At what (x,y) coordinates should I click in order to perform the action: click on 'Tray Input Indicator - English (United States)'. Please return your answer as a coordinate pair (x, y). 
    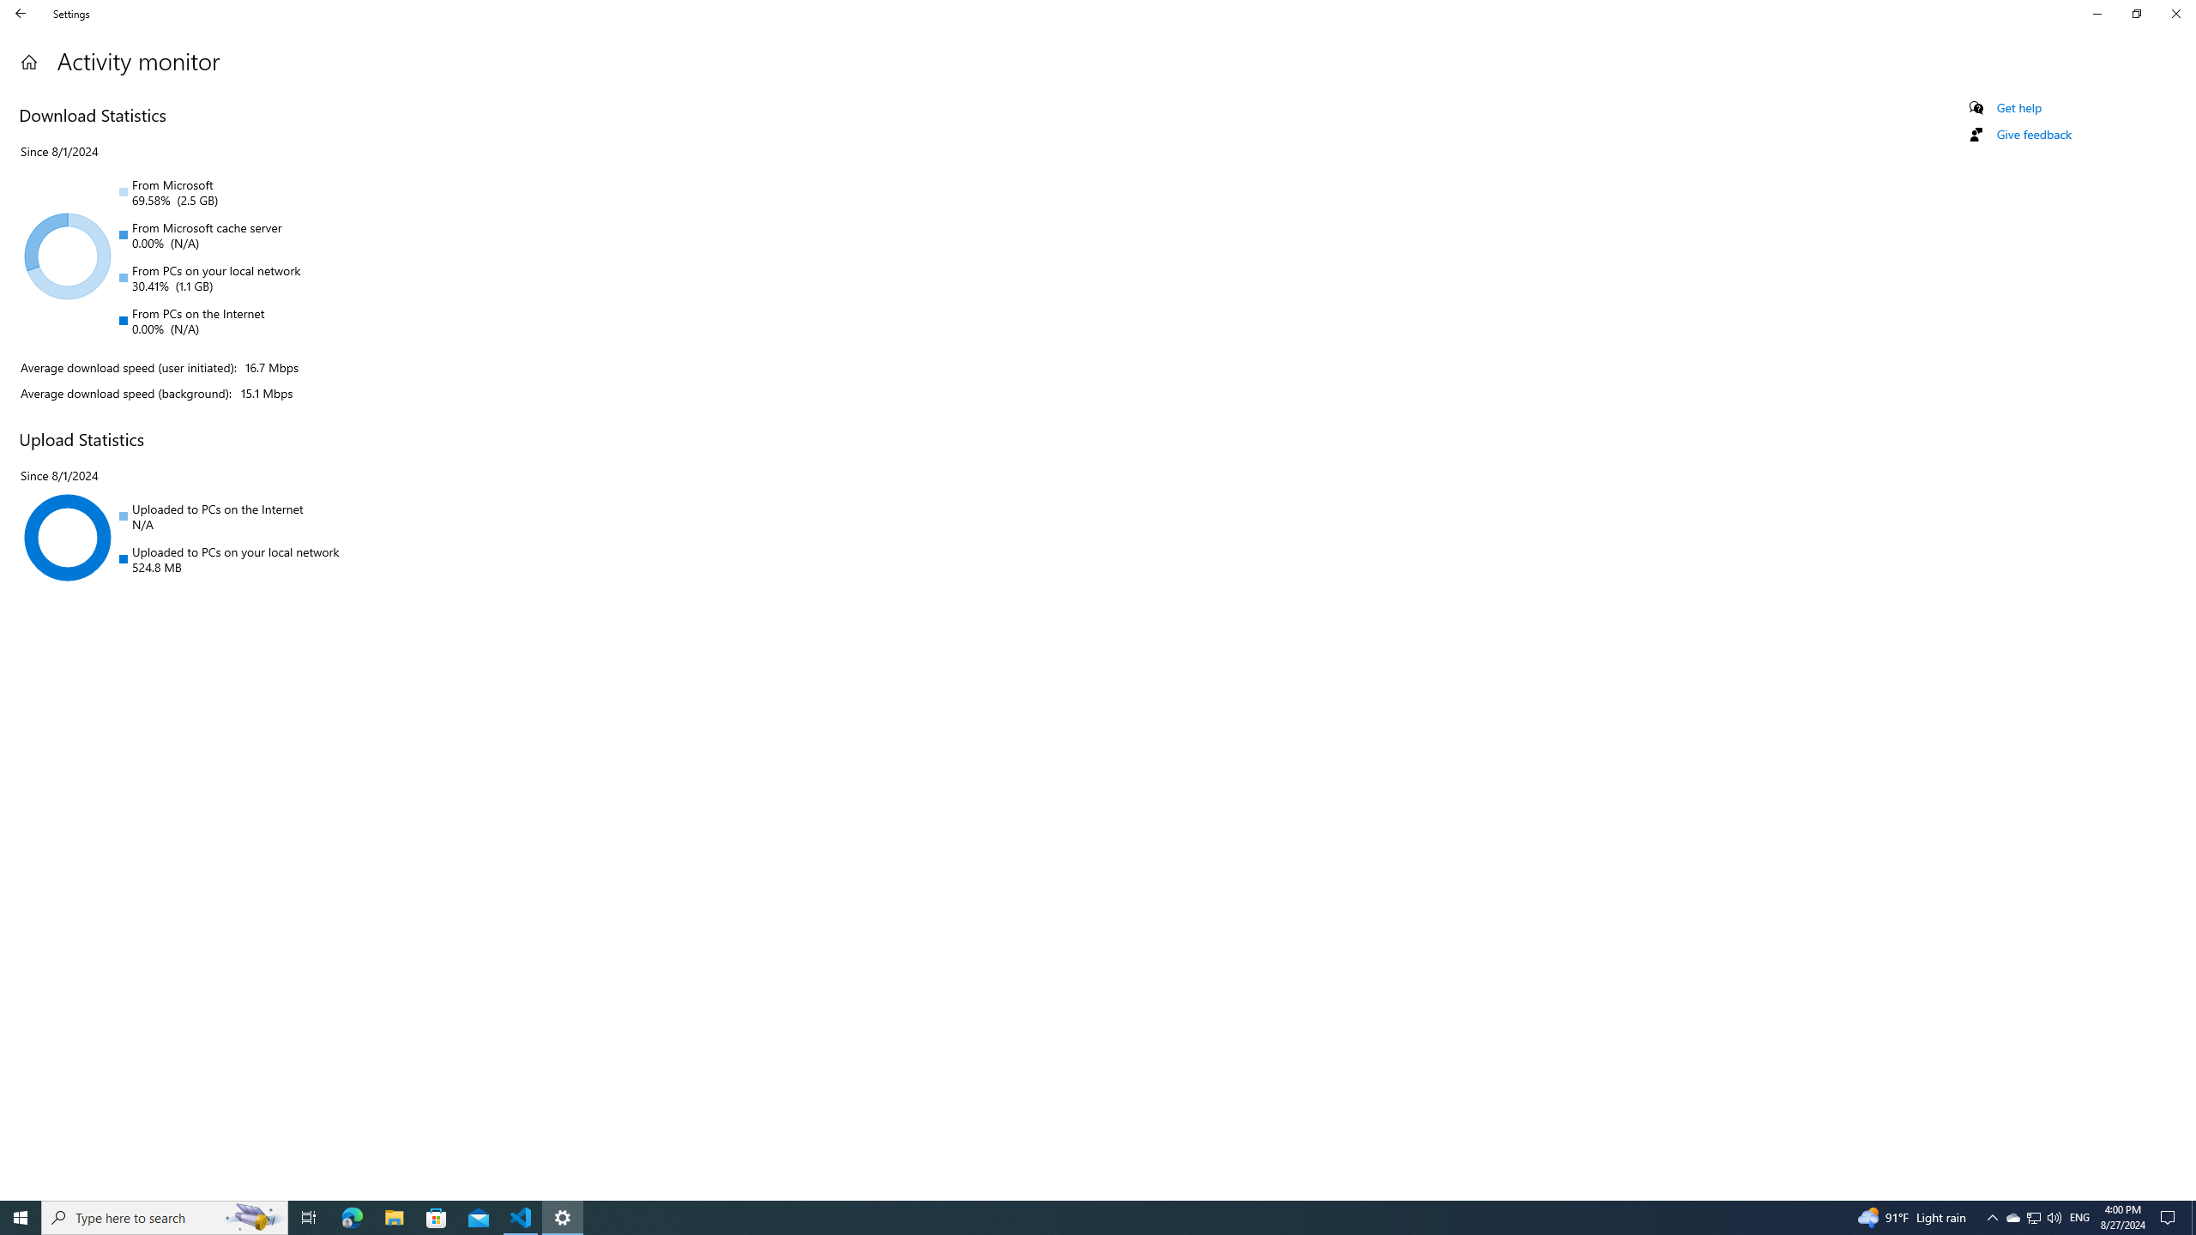
    Looking at the image, I should click on (2079, 1216).